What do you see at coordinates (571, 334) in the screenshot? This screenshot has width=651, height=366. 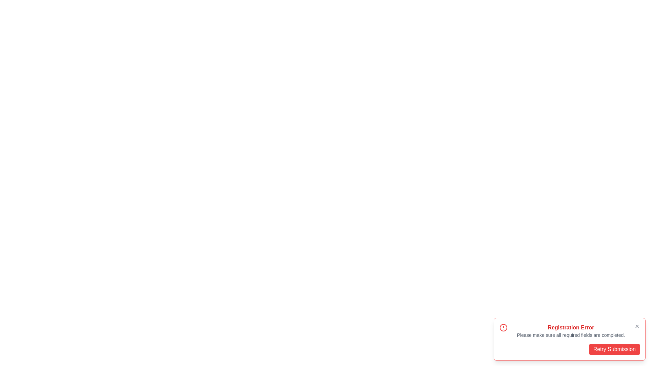 I see `the Text label that provides a descriptive message about incomplete required fields, located in the bottom-right corner of the dialog box below the title 'Registration Error'` at bounding box center [571, 334].